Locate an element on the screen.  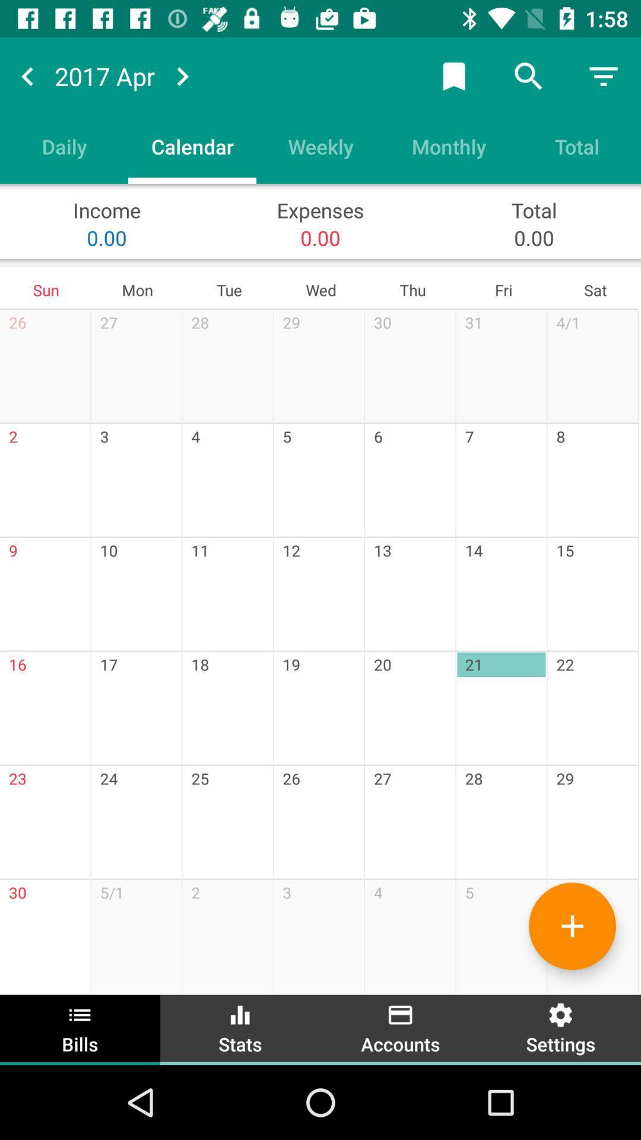
item next to the calendar item is located at coordinates (64, 145).